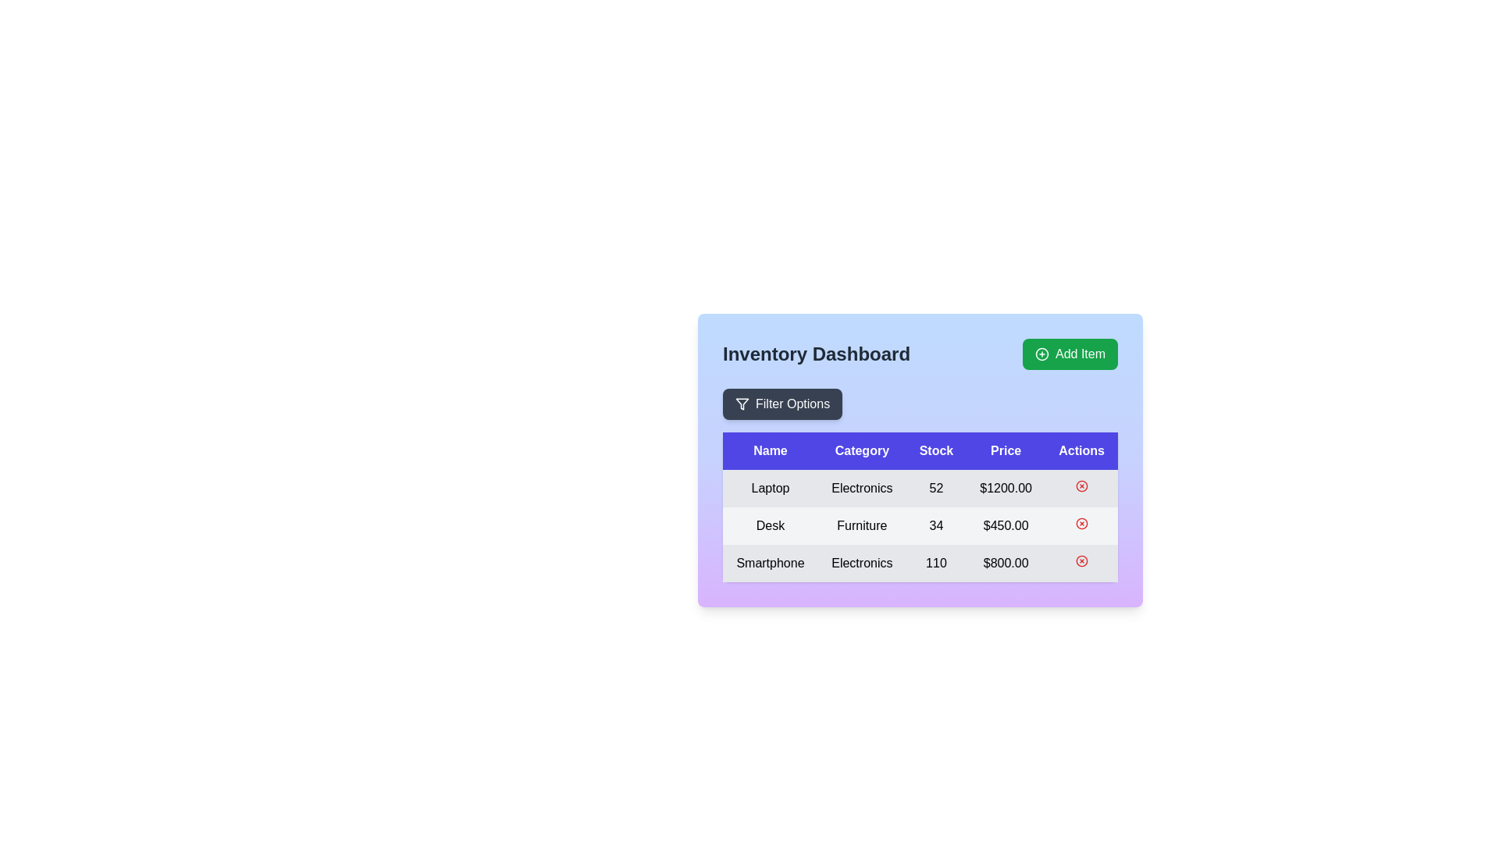 This screenshot has width=1499, height=843. What do you see at coordinates (920, 487) in the screenshot?
I see `the first row of the data table in the inventory dashboard that contains details for 'Laptop', including its category, stock, price, and actions` at bounding box center [920, 487].